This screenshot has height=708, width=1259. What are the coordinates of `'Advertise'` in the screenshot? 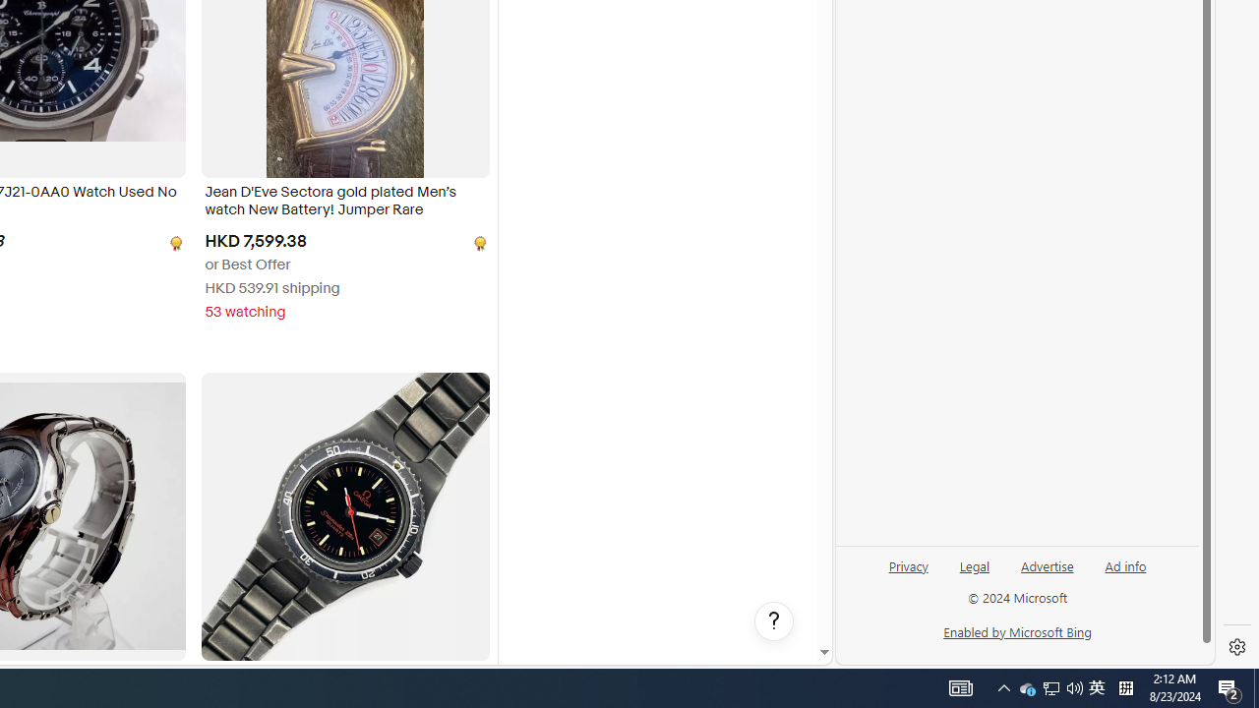 It's located at (1046, 564).